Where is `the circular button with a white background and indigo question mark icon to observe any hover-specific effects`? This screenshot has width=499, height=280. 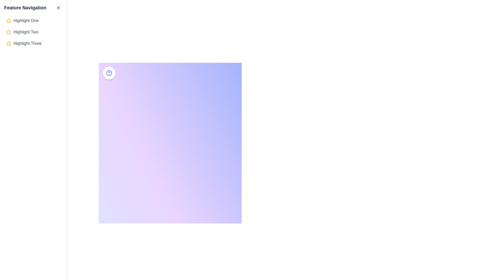
the circular button with a white background and indigo question mark icon to observe any hover-specific effects is located at coordinates (109, 73).